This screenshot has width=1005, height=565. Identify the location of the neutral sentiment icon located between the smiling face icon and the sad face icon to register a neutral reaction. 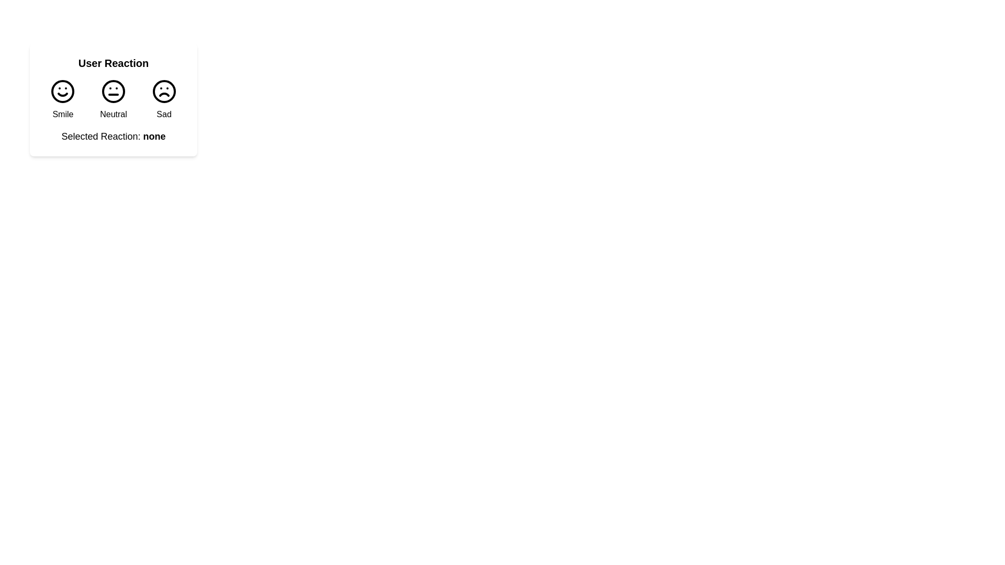
(113, 91).